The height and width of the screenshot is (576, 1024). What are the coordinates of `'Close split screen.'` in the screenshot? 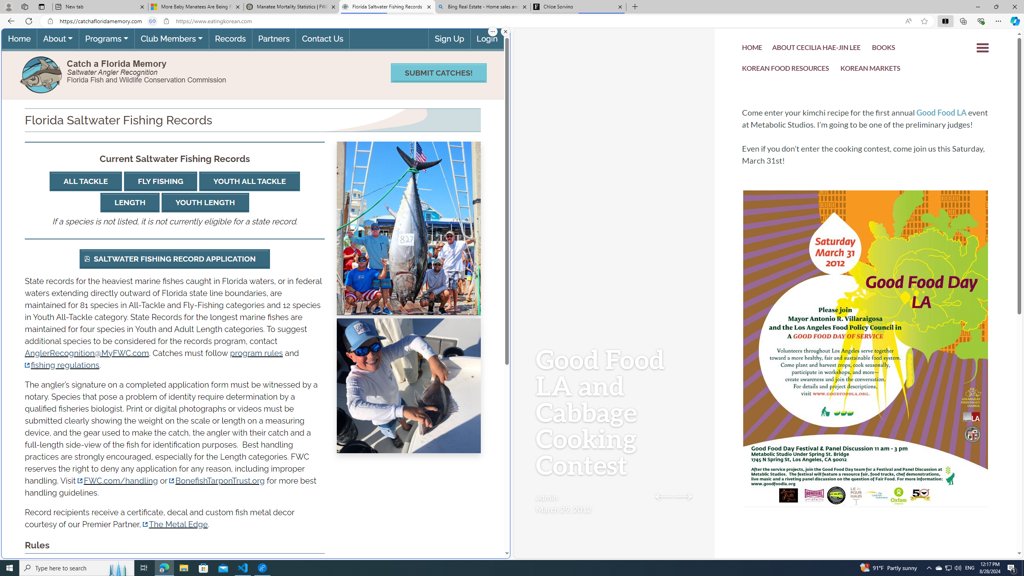 It's located at (505, 31).